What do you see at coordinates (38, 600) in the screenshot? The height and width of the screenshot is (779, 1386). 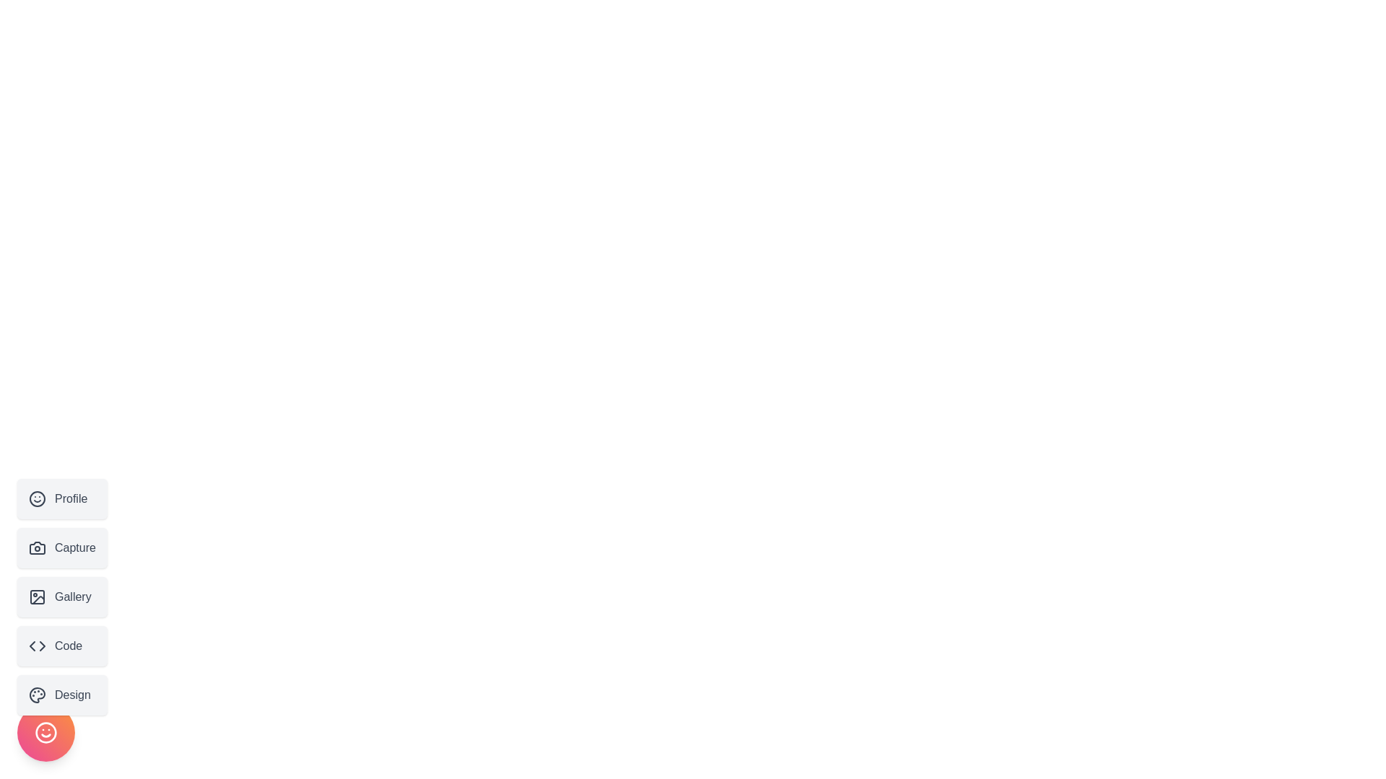 I see `the 'Gallery' button, which is part of an SVG icon located in the third position of a vertically stacked list of buttons` at bounding box center [38, 600].